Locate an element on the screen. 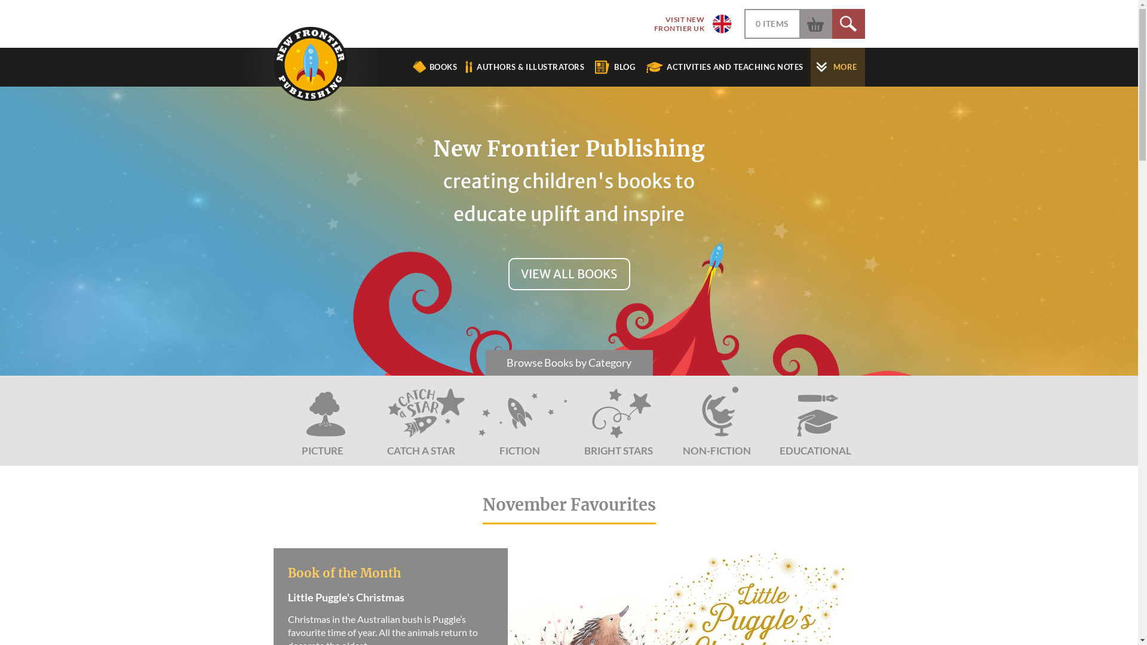 This screenshot has height=645, width=1147. 'BLOG' is located at coordinates (619, 67).